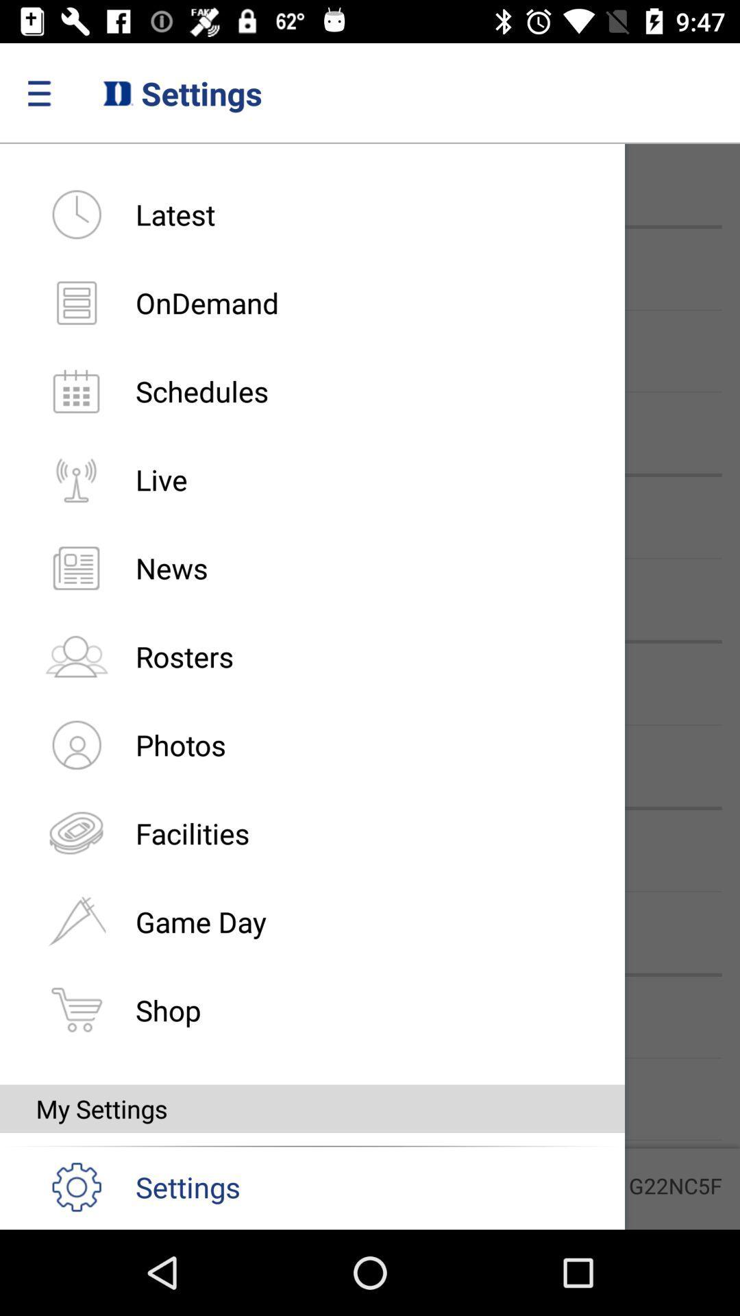 This screenshot has width=740, height=1316. I want to click on flag symbol which is on the left of game day, so click(76, 921).